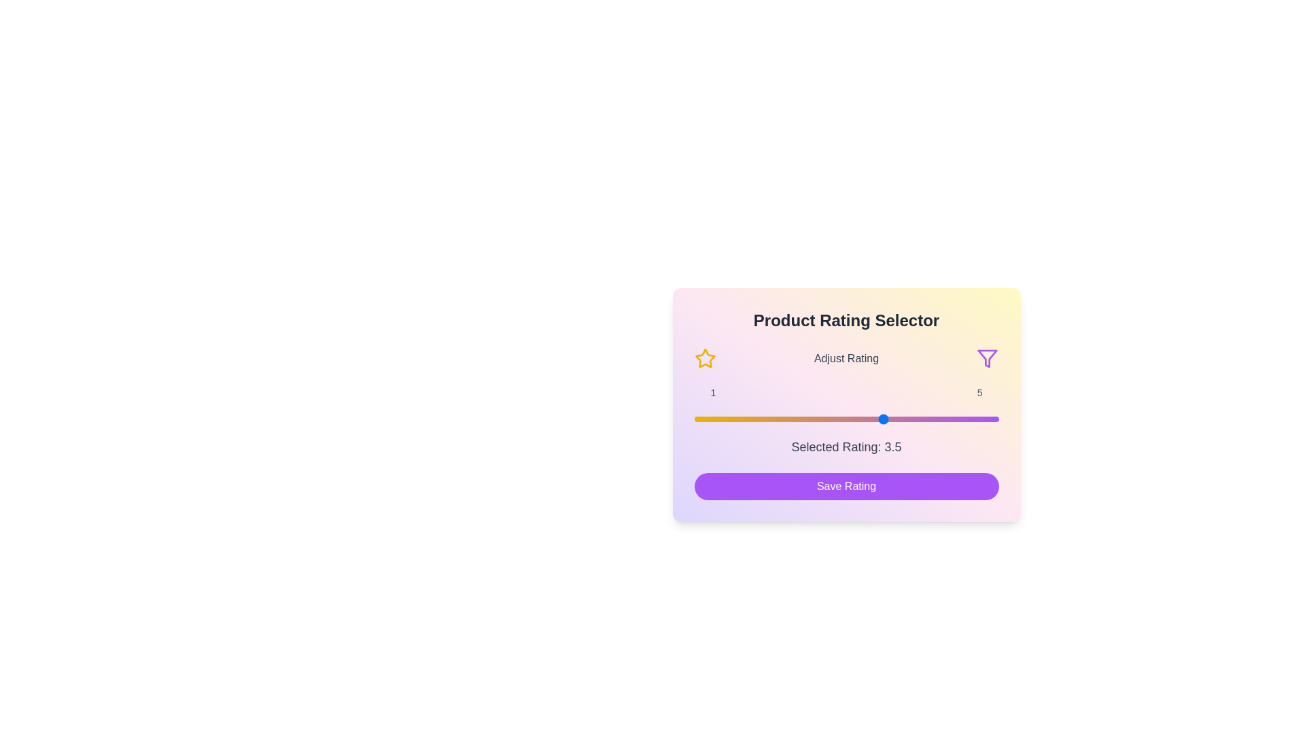 This screenshot has width=1305, height=734. What do you see at coordinates (770, 419) in the screenshot?
I see `the rating slider to set the rating to 2` at bounding box center [770, 419].